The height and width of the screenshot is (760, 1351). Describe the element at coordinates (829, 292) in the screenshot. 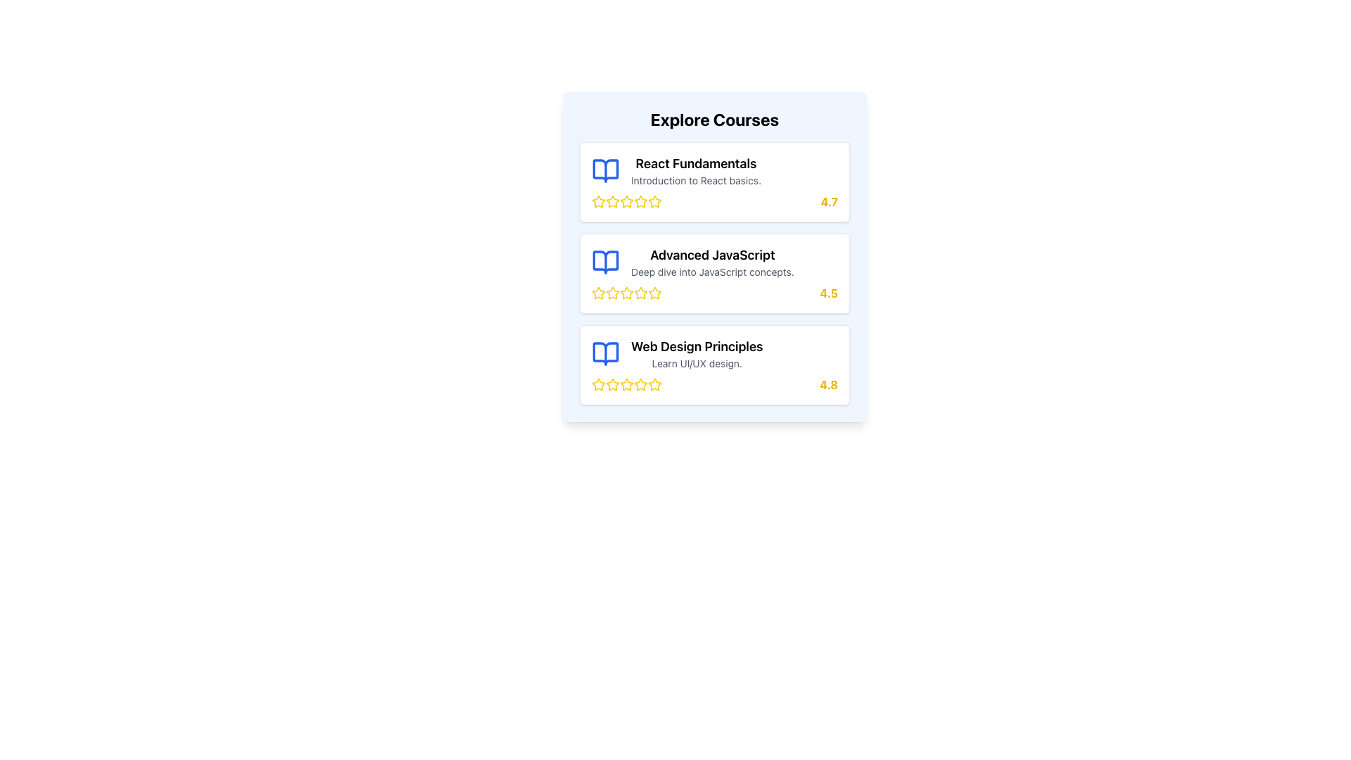

I see `the bold yellow text displaying the value '4.5' in the ratings section of the 'Advanced JavaScript' course item` at that location.